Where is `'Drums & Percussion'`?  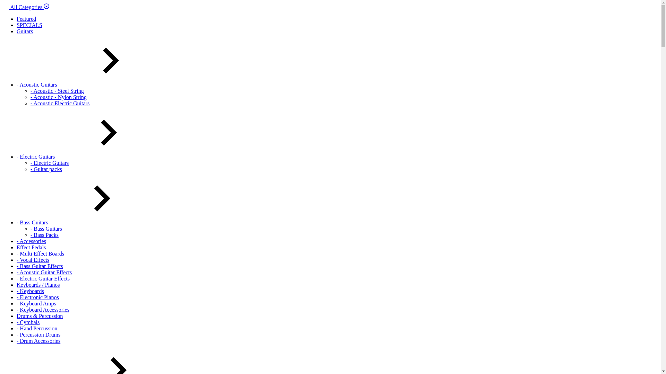 'Drums & Percussion' is located at coordinates (39, 316).